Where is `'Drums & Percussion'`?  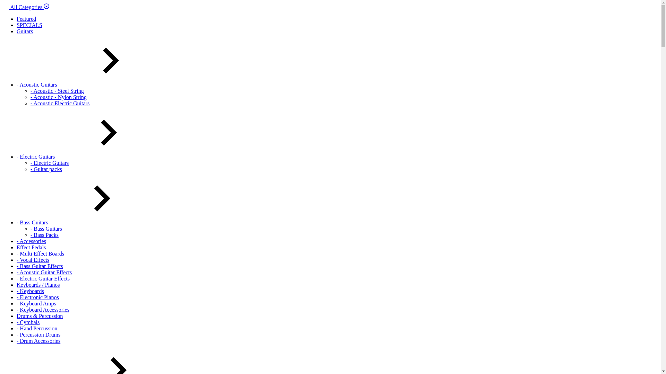 'Drums & Percussion' is located at coordinates (39, 316).